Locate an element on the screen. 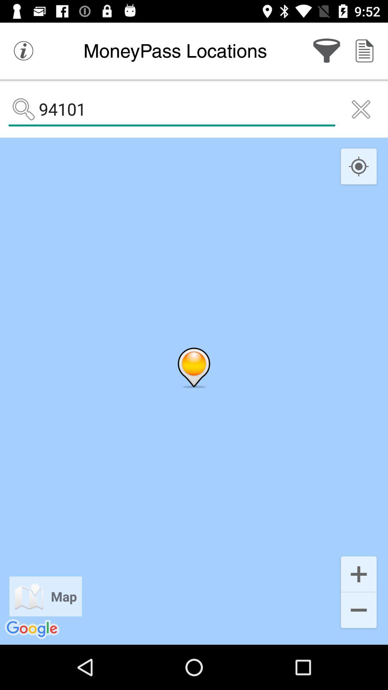  the info icon is located at coordinates (23, 51).